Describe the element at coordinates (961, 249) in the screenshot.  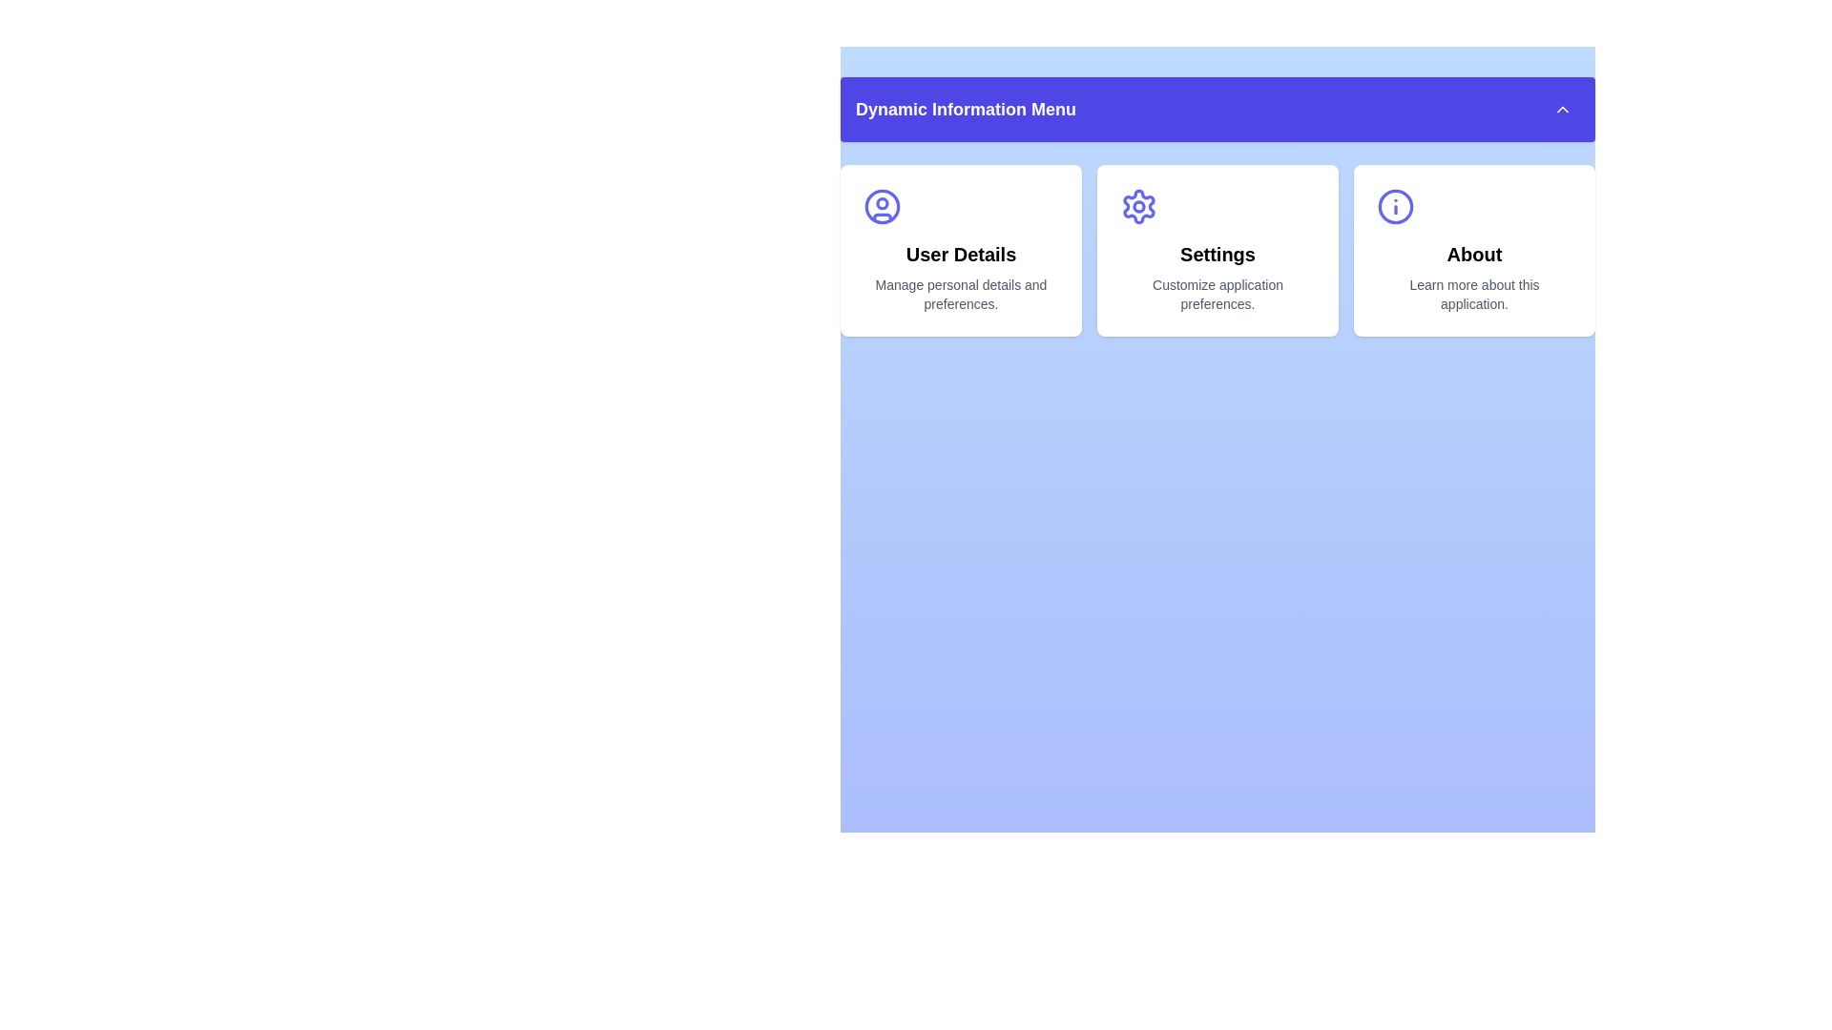
I see `the menu item User Details to interact with it` at that location.